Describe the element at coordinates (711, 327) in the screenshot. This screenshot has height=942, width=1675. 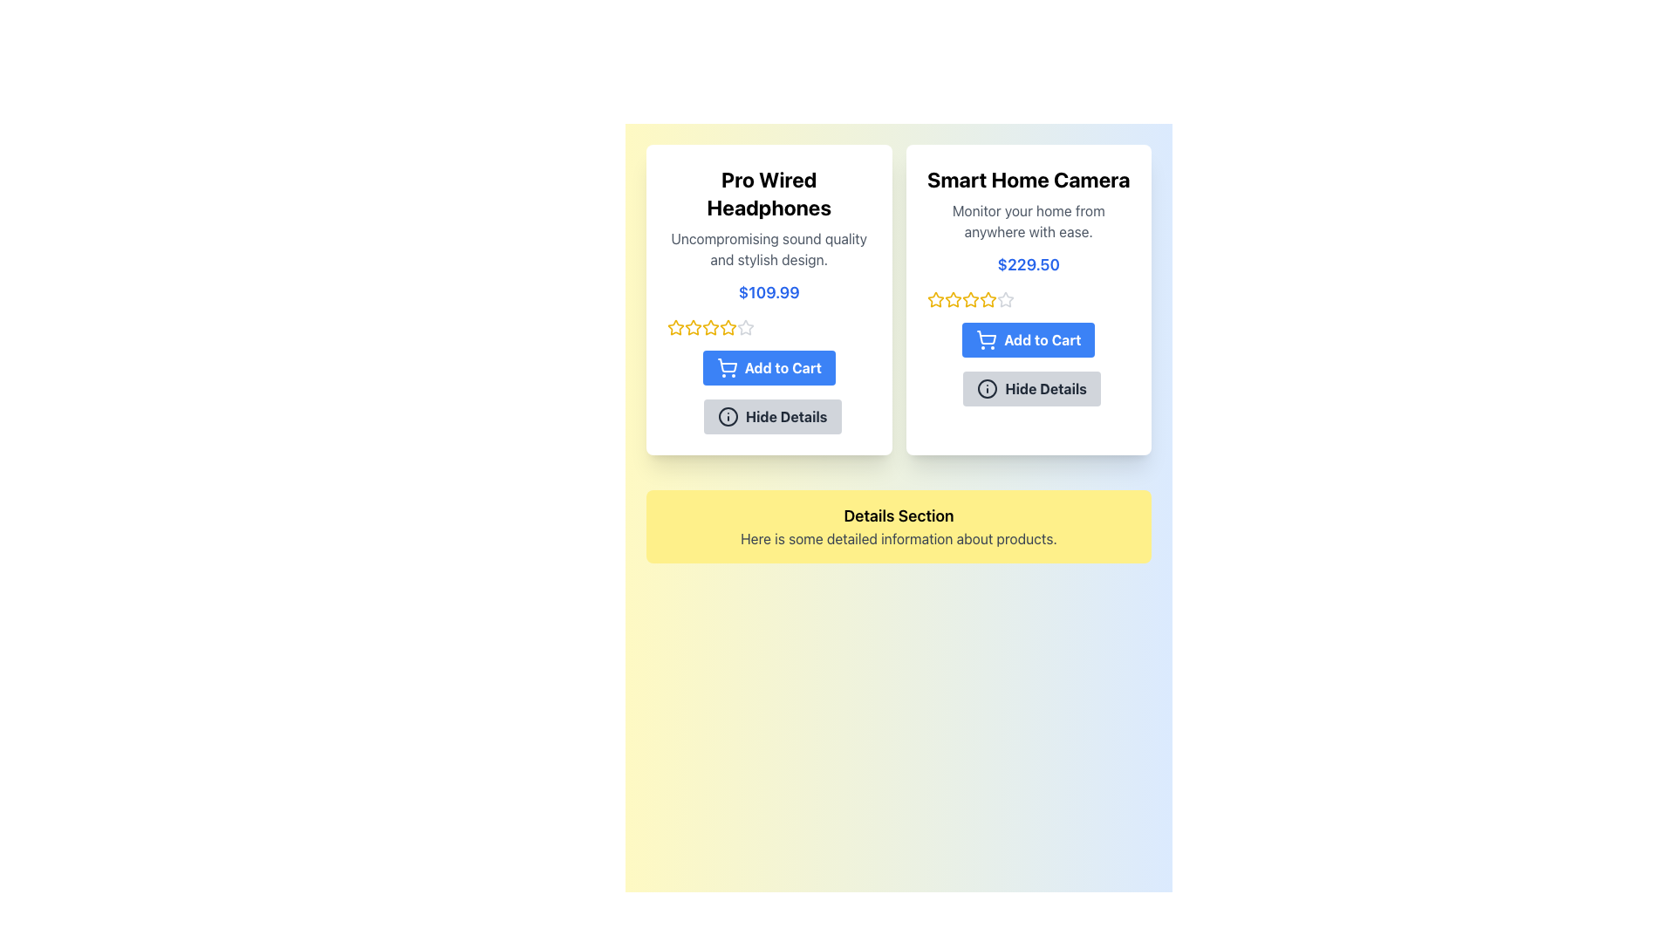
I see `the fourth star icon in the rating system for the product 'Pro Wired Headphones', located above the blue 'Add to Cart' button` at that location.